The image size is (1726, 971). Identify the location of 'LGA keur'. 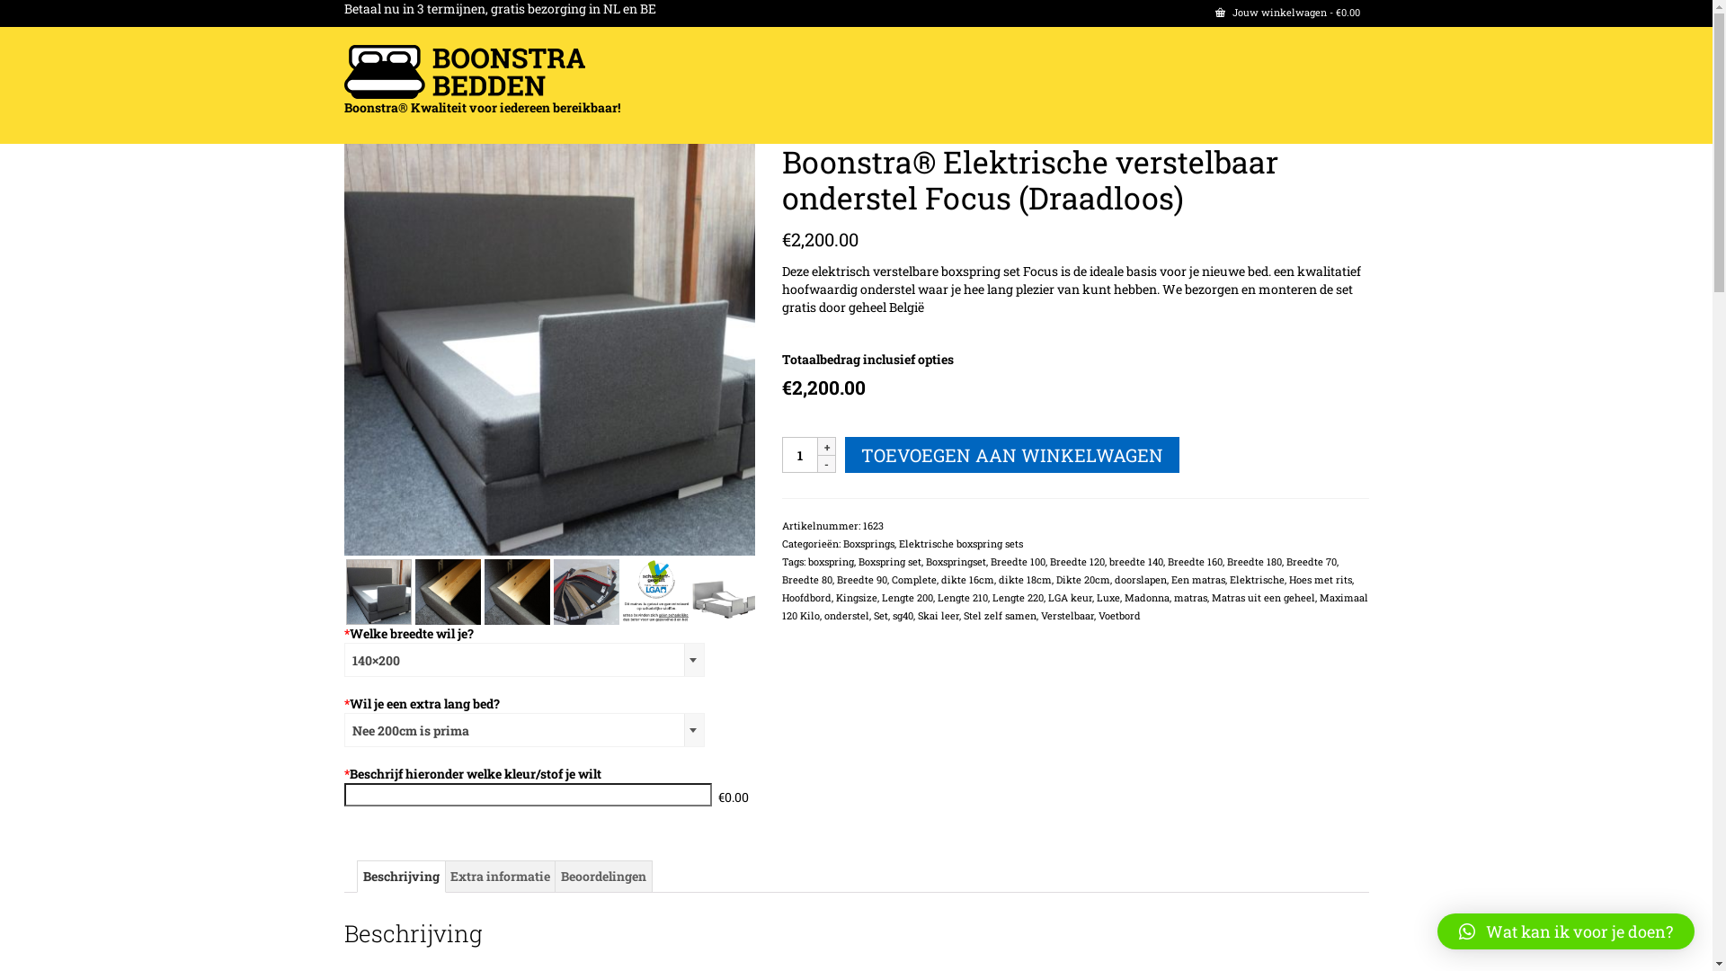
(1070, 597).